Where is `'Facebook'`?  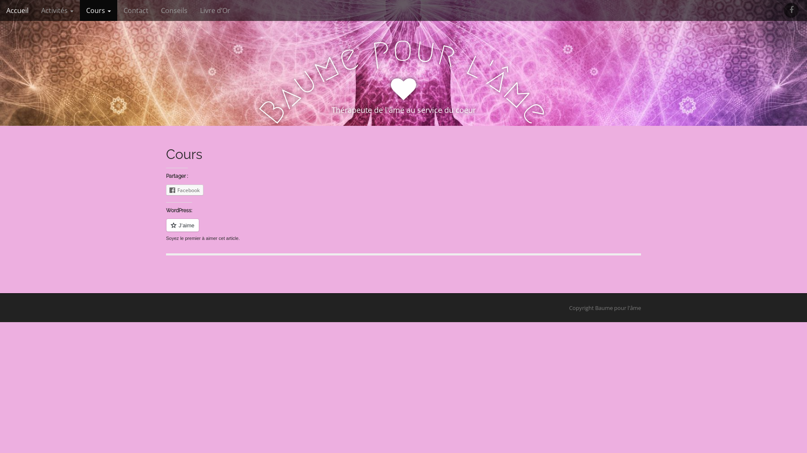 'Facebook' is located at coordinates (184, 190).